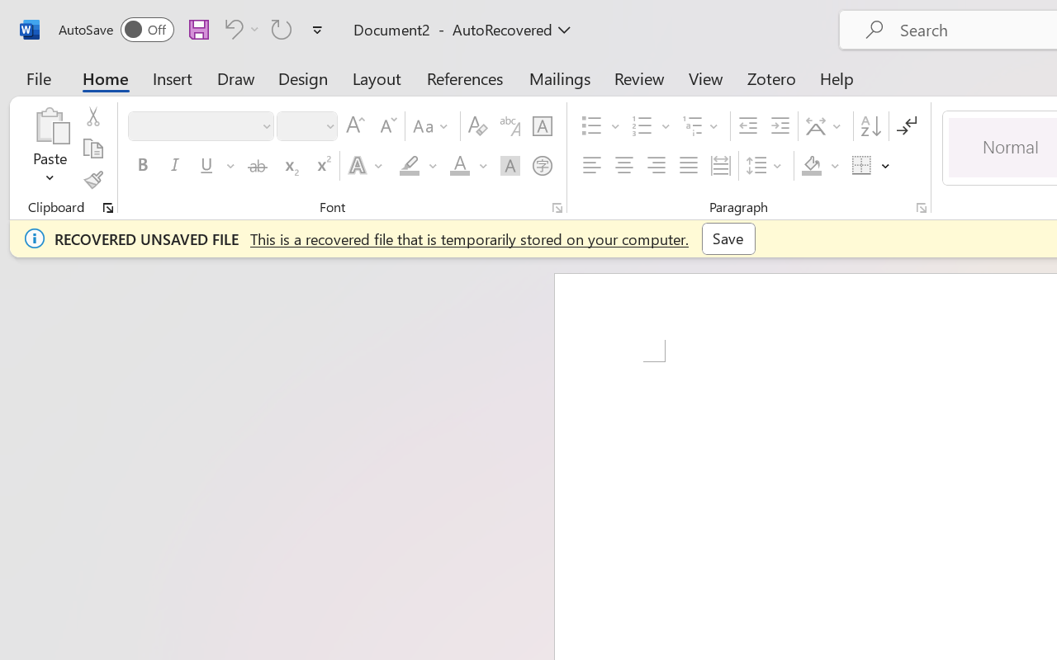 This screenshot has height=660, width=1057. I want to click on 'Can', so click(230, 28).